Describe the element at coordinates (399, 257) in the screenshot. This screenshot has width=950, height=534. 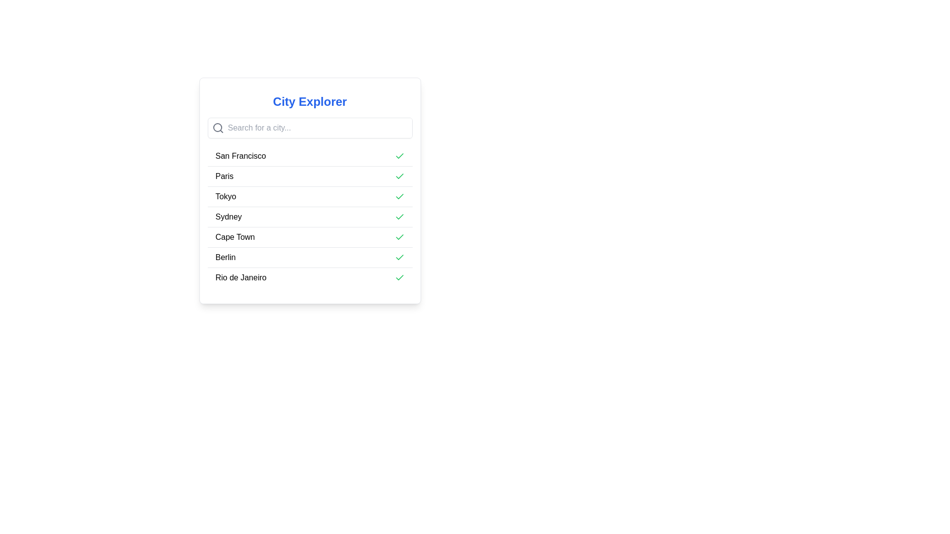
I see `the green checkmark icon associated with the label 'Berlin' in the 'City Explorer' application interface, located in the sixth row of the list` at that location.